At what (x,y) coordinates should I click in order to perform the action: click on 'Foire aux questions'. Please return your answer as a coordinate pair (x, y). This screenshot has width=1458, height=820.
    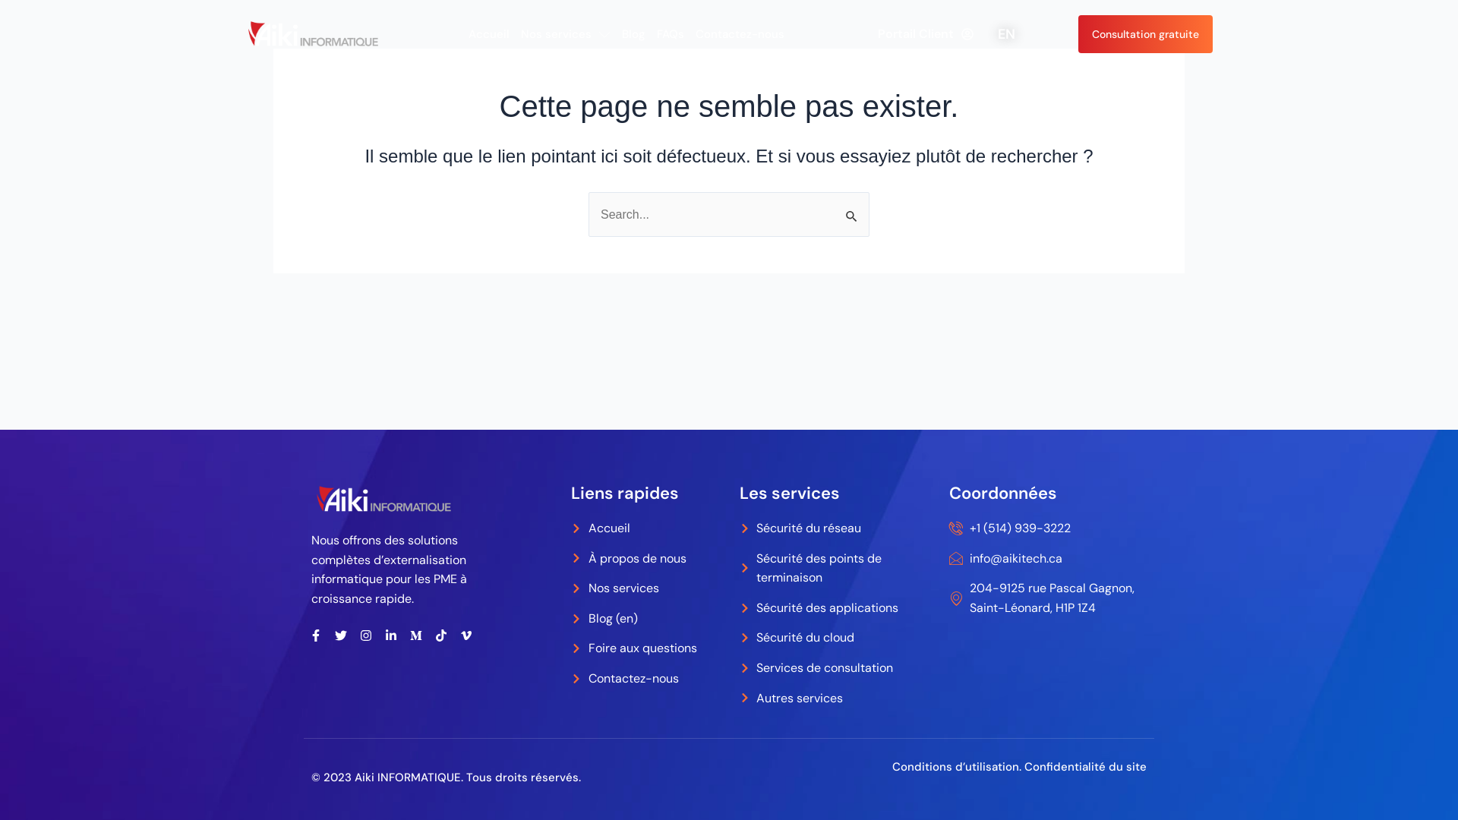
    Looking at the image, I should click on (648, 648).